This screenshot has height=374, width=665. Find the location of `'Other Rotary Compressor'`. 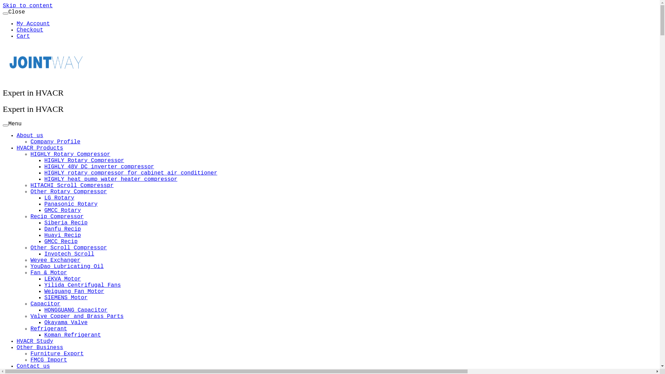

'Other Rotary Compressor' is located at coordinates (69, 192).